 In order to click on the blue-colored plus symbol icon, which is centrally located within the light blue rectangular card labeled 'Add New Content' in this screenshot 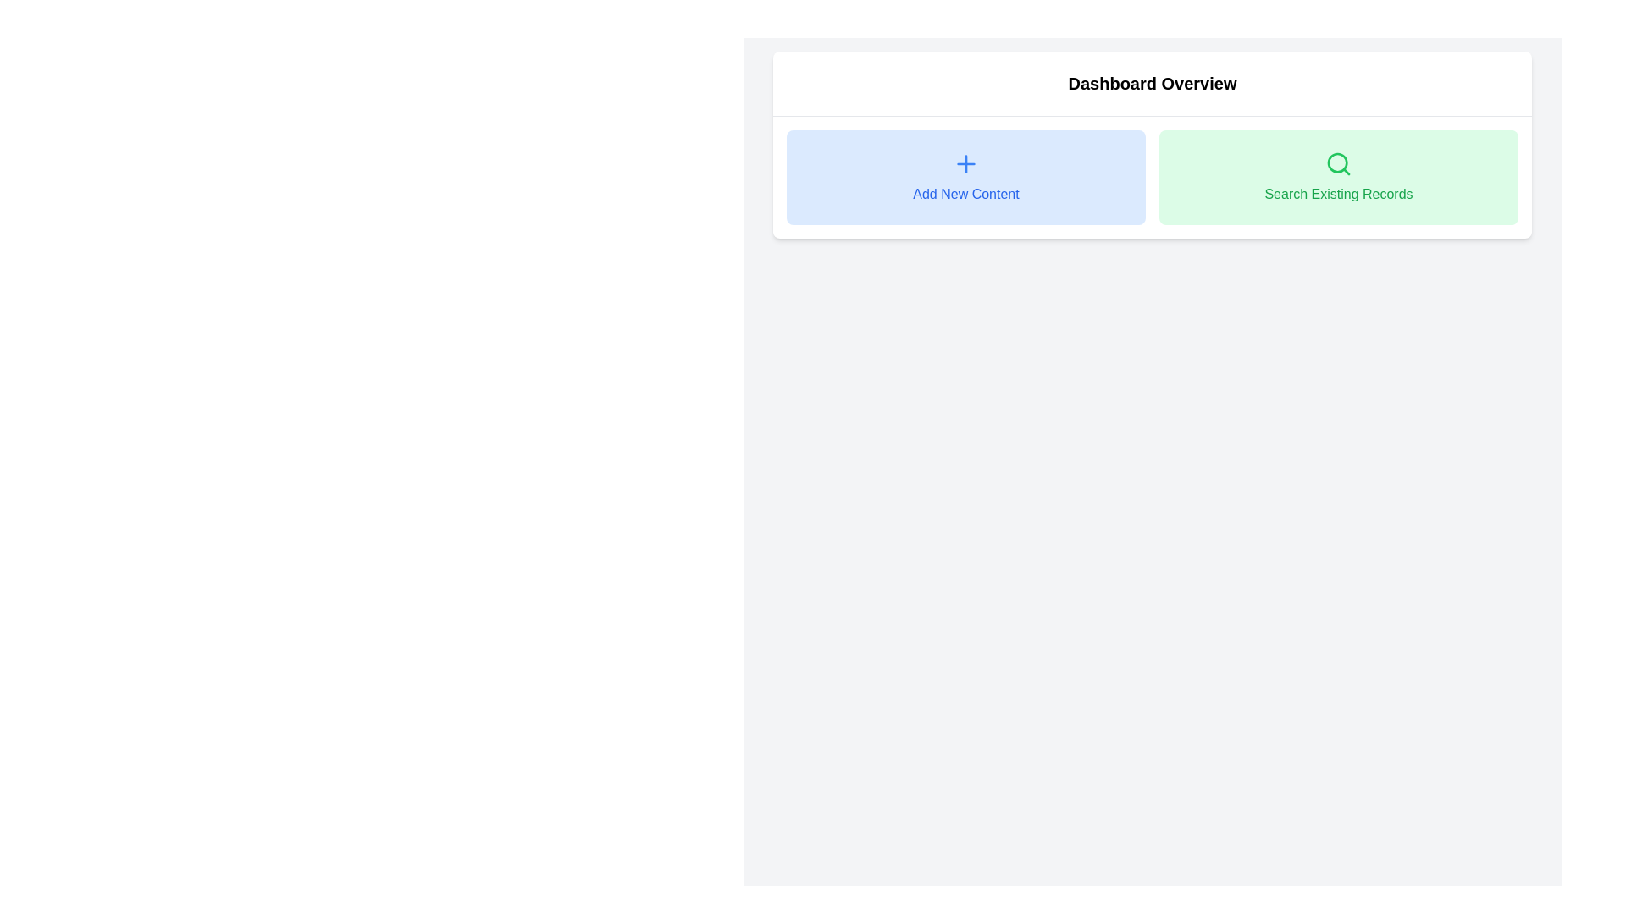, I will do `click(966, 163)`.